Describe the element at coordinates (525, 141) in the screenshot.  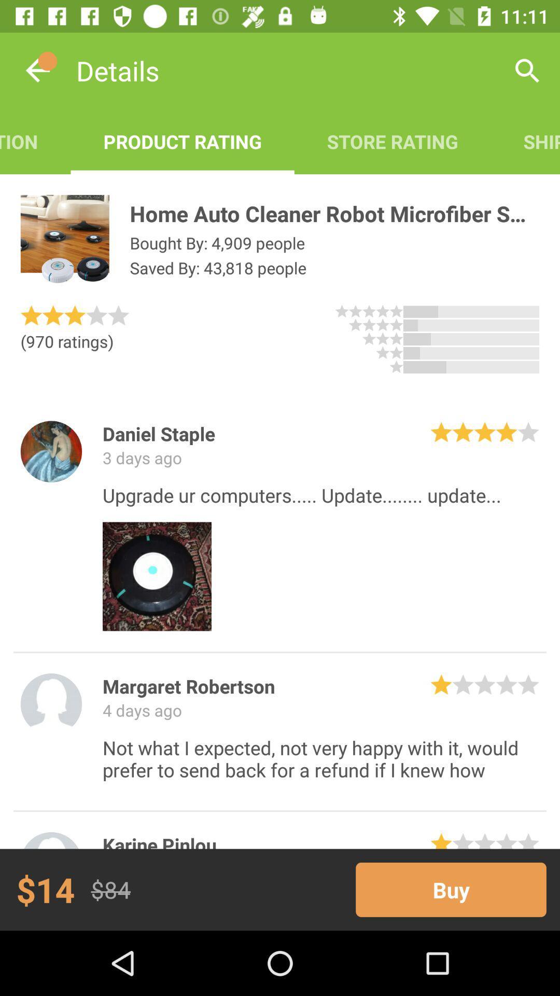
I see `the shipping info icon` at that location.